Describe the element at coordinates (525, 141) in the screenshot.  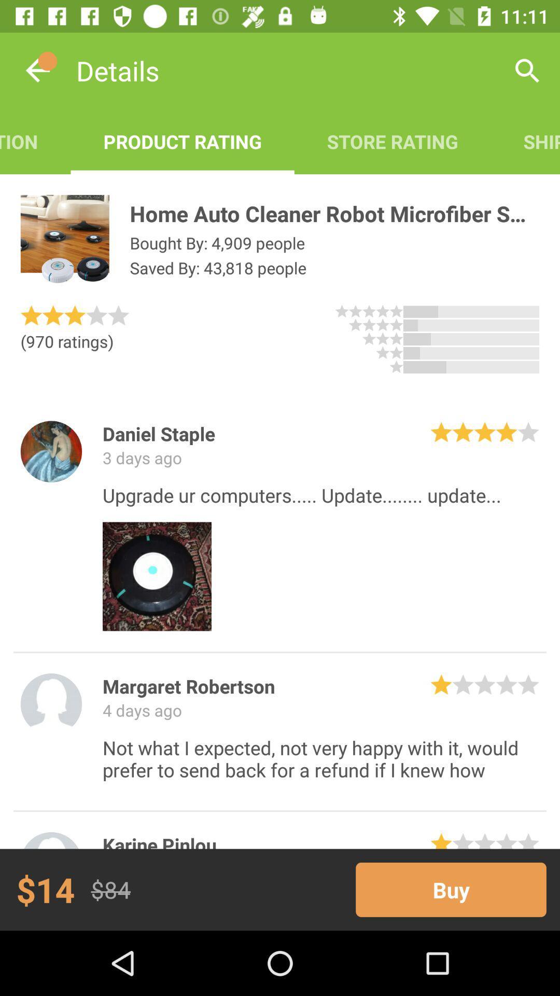
I see `the shipping info icon` at that location.